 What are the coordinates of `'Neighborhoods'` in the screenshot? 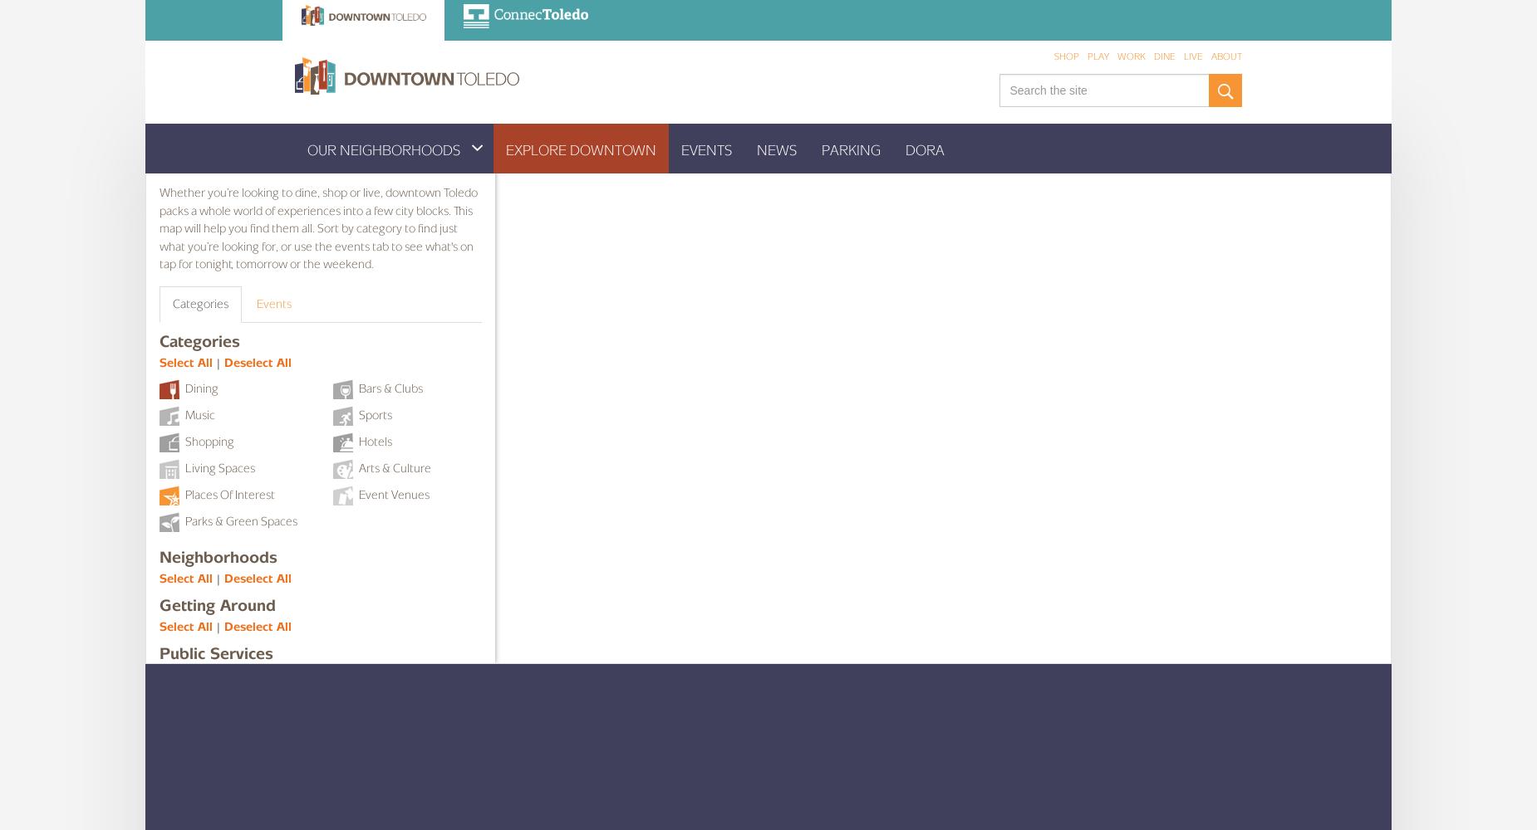 It's located at (218, 557).